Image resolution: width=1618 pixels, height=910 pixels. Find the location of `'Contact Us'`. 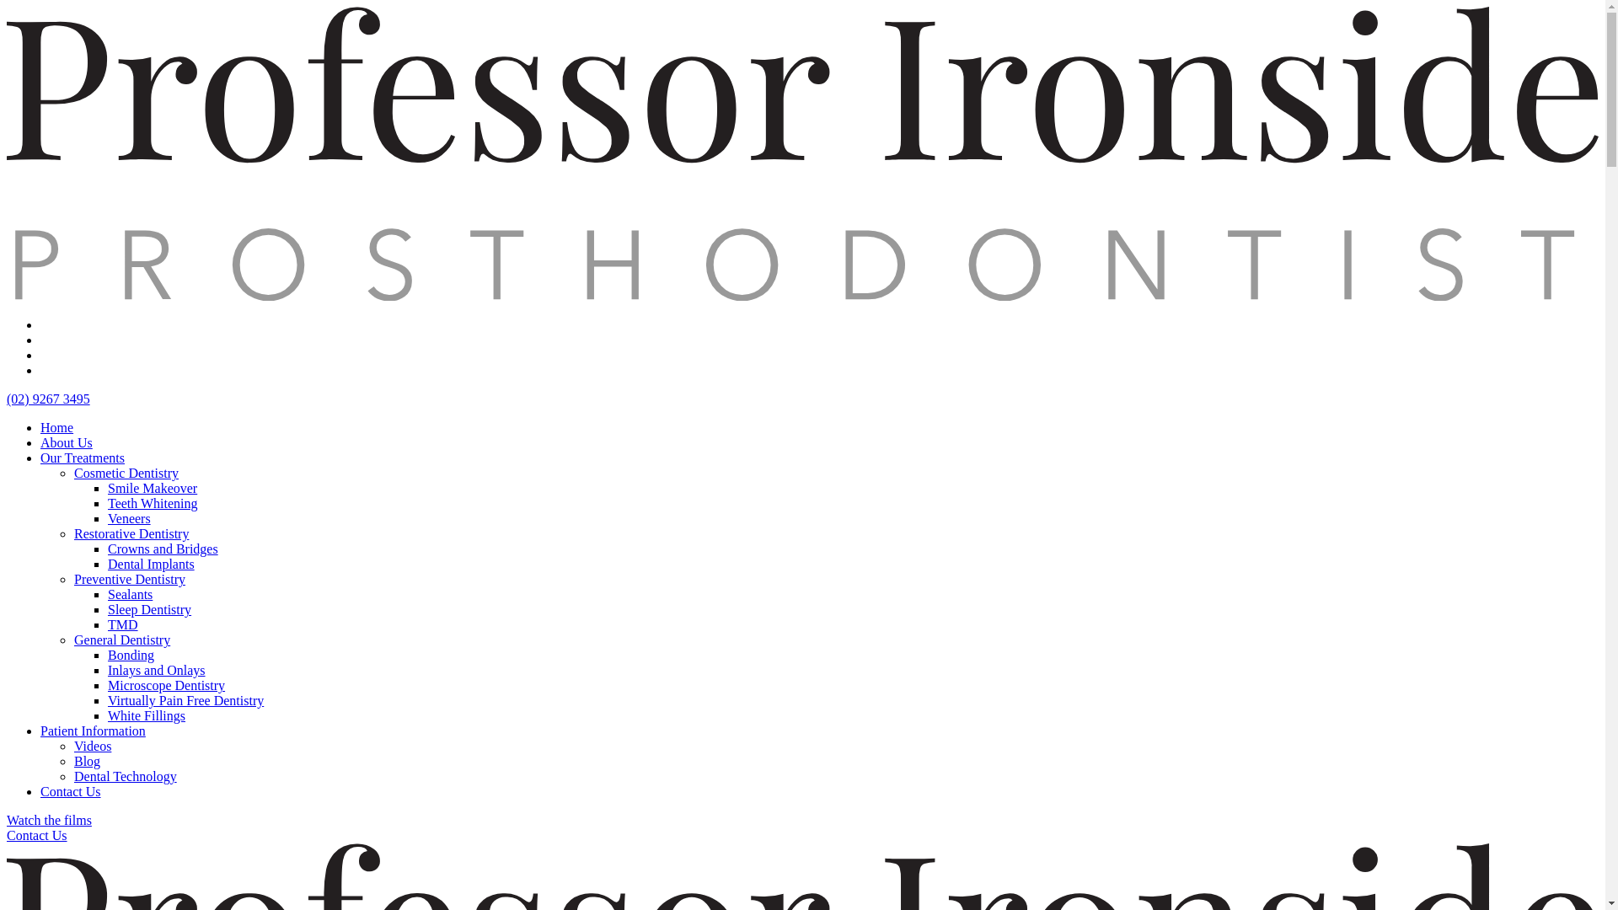

'Contact Us' is located at coordinates (7, 835).